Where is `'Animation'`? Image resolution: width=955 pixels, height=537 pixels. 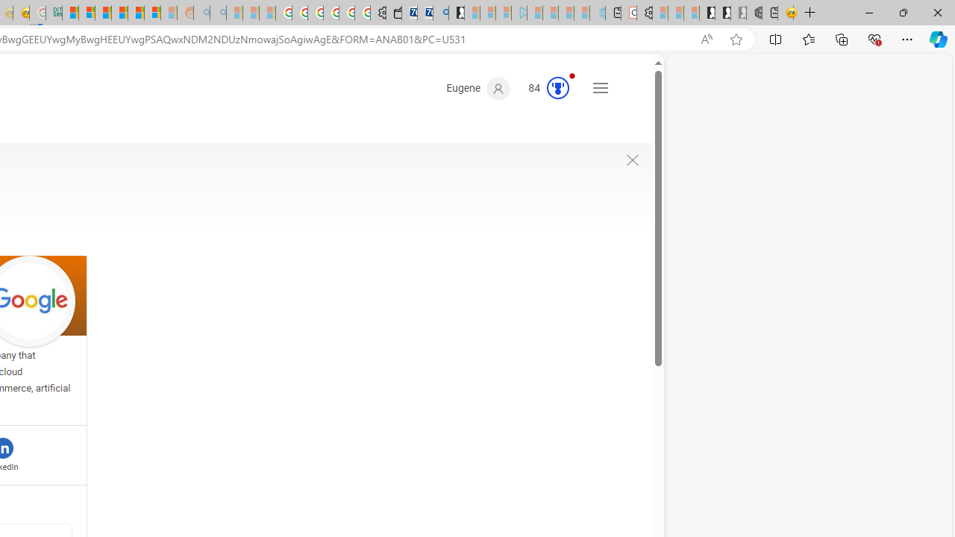 'Animation' is located at coordinates (571, 75).